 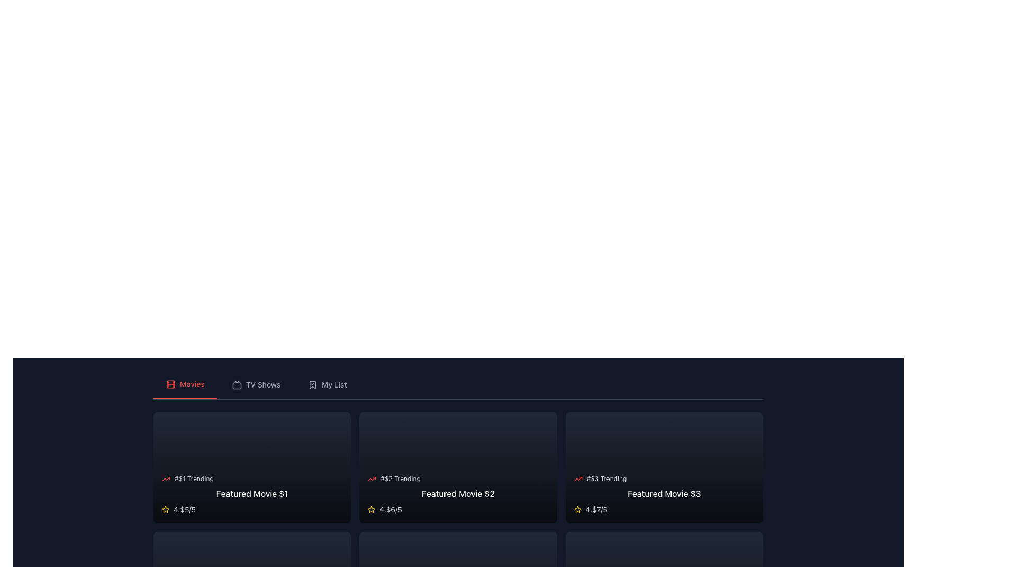 What do you see at coordinates (664, 493) in the screenshot?
I see `the Text Label displaying 'Featured Movie $3' which is part of the trending movies list, located in the center of the third tile, below the subtitle '#$3 Trending'` at bounding box center [664, 493].